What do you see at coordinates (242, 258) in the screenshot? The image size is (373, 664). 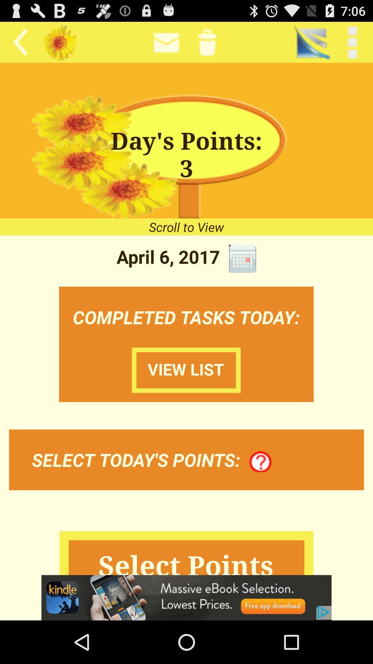 I see `icon to the right of the april 6, 2017 icon` at bounding box center [242, 258].